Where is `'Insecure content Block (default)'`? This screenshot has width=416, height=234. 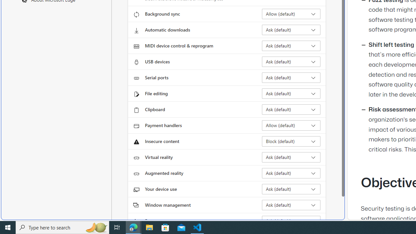
'Insecure content Block (default)' is located at coordinates (291, 141).